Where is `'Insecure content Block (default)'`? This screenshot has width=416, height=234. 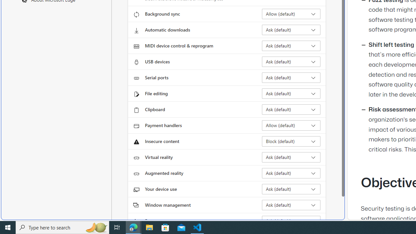
'Insecure content Block (default)' is located at coordinates (291, 141).